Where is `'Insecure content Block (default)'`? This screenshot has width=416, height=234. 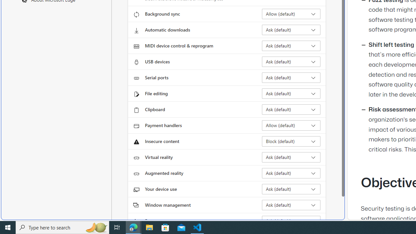
'Insecure content Block (default)' is located at coordinates (291, 141).